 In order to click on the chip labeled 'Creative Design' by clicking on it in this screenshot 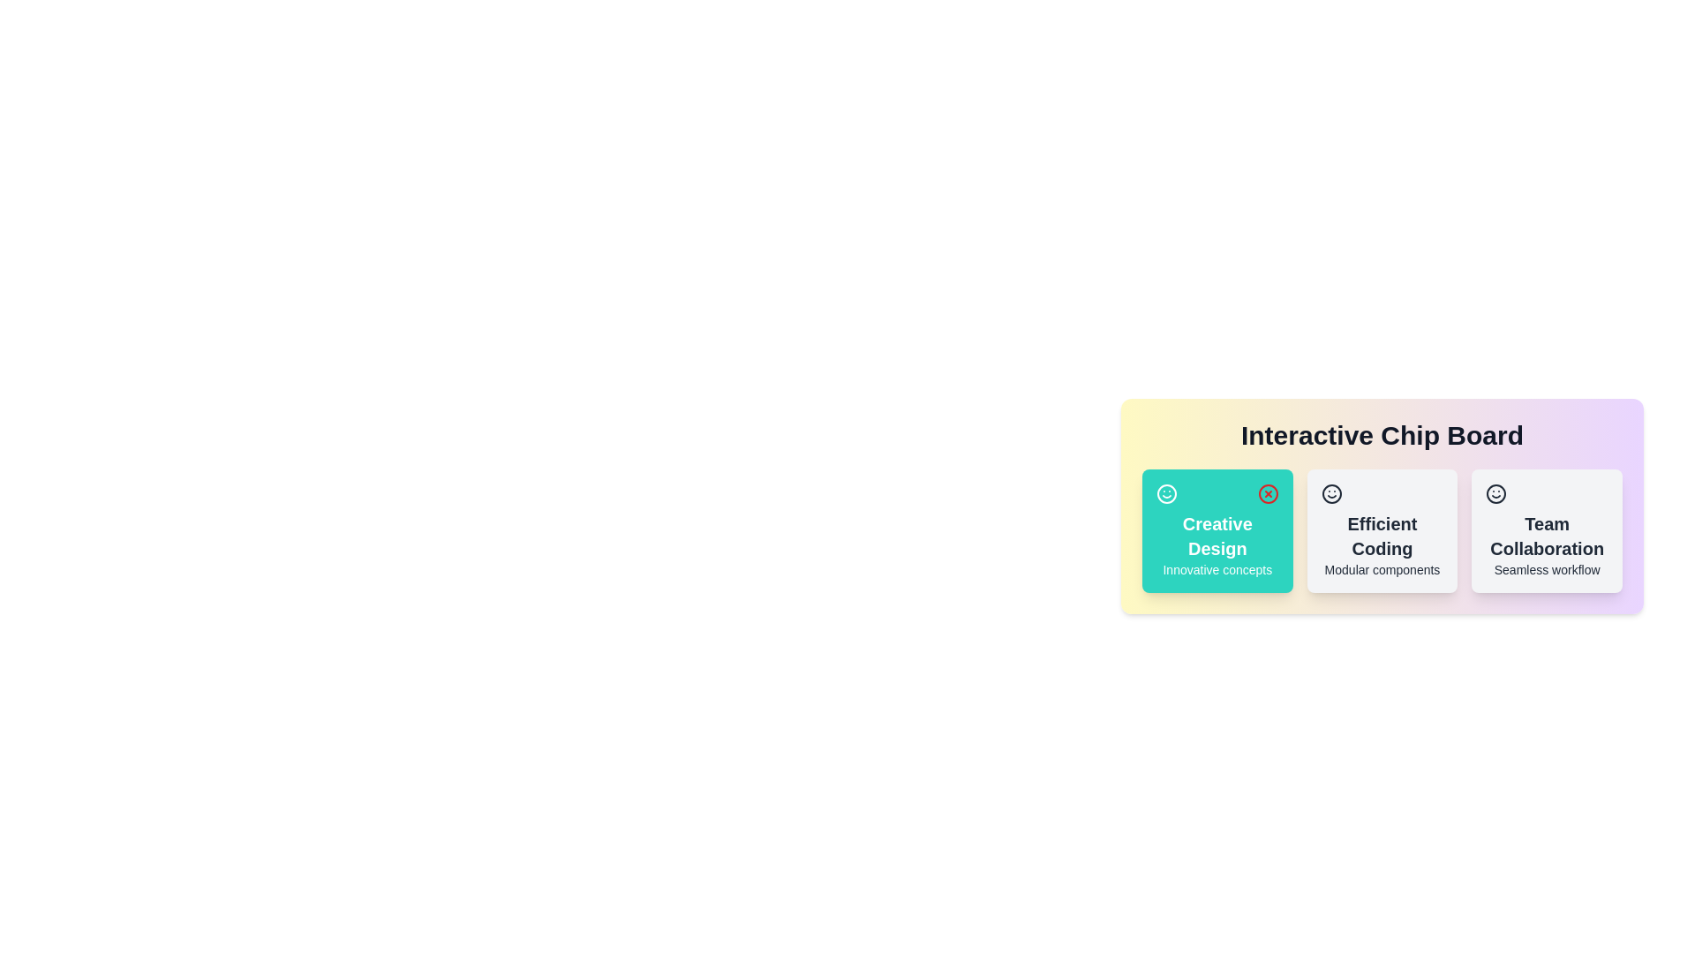, I will do `click(1216, 529)`.